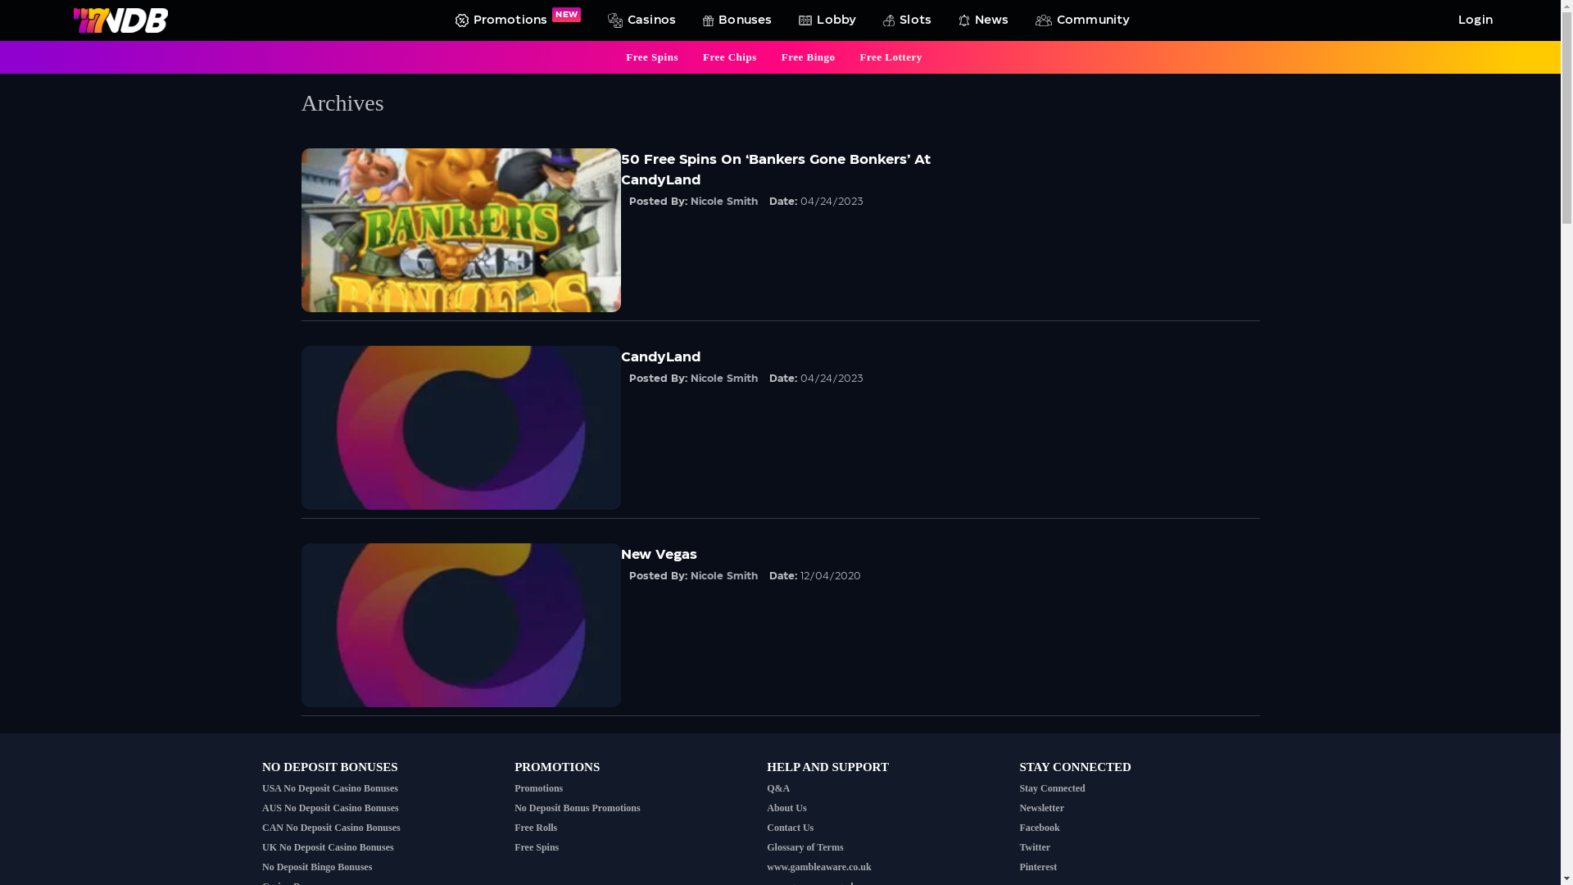 The height and width of the screenshot is (885, 1573). I want to click on 'Pinterest', so click(1037, 865).